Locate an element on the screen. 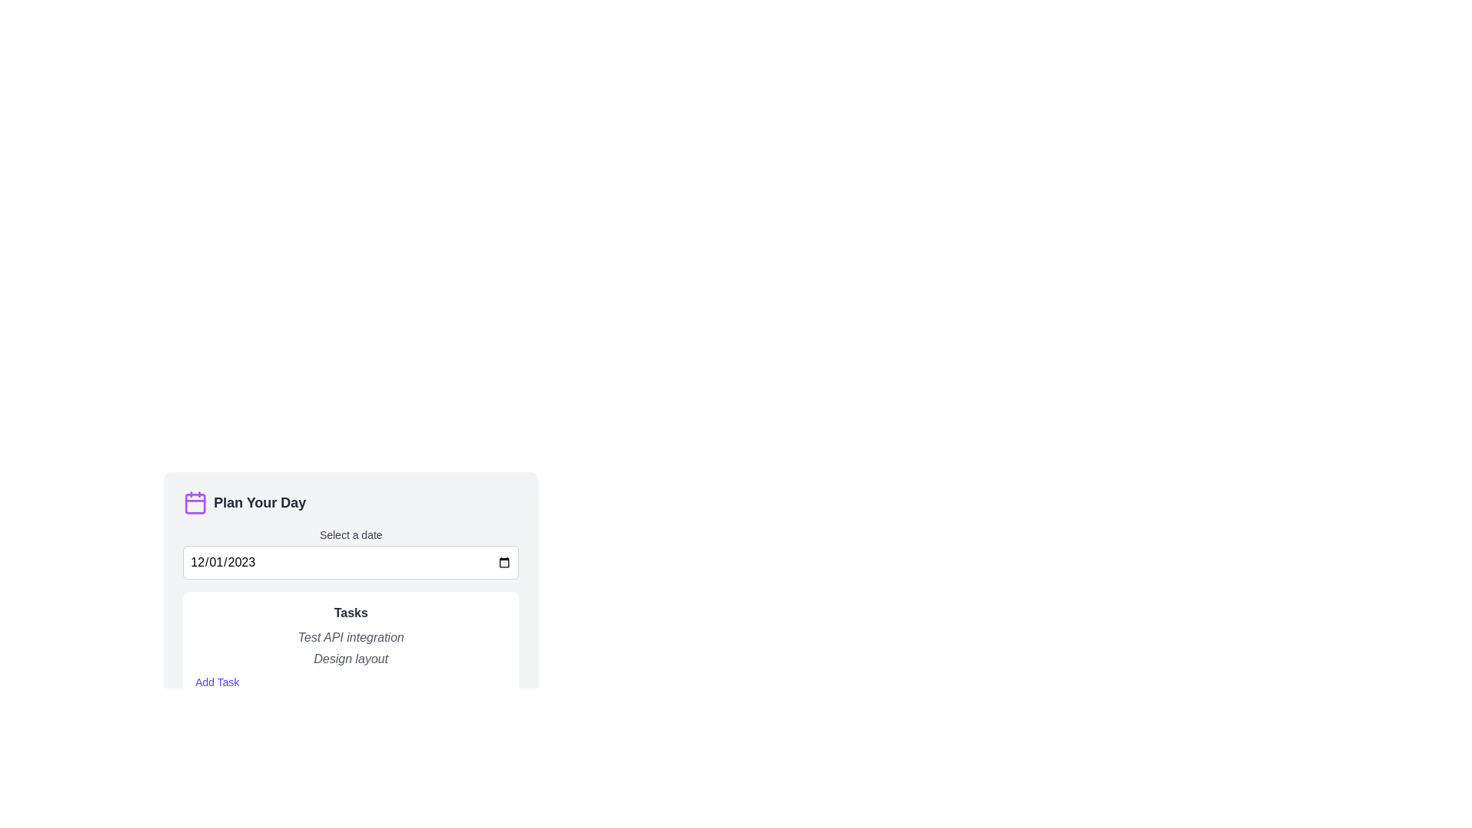  the descriptive label for the date input field located in the 'Plan Your Day' section, positioned directly above the input field is located at coordinates (350, 534).